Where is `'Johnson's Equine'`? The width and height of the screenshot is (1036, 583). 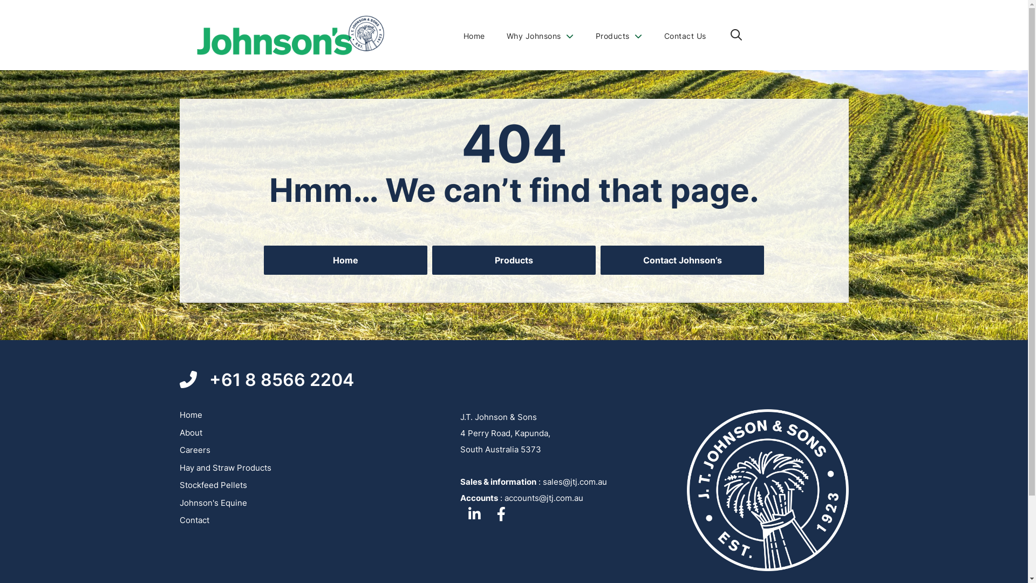 'Johnson's Equine' is located at coordinates (213, 503).